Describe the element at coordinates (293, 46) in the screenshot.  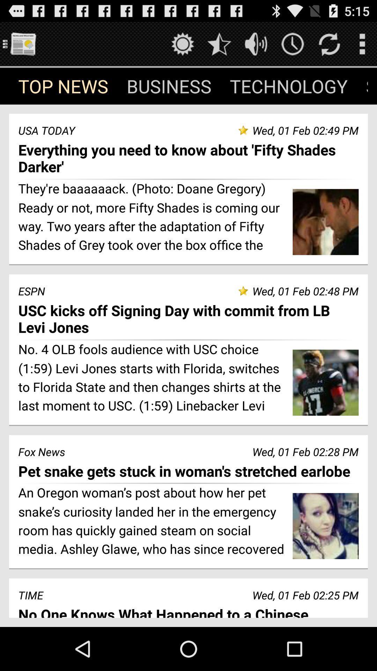
I see `the time icon` at that location.